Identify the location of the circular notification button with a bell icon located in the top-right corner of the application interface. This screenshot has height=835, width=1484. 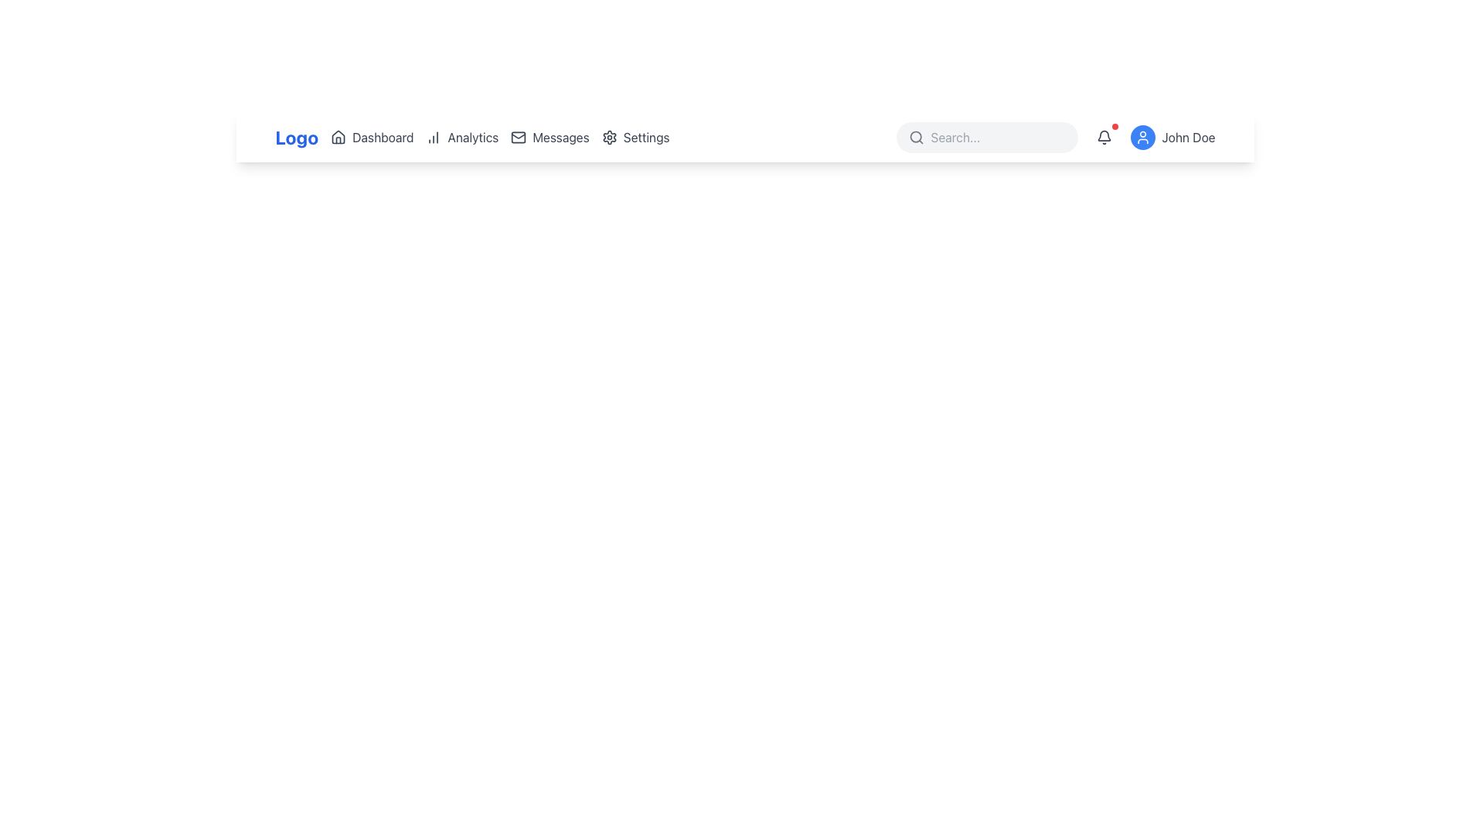
(1104, 136).